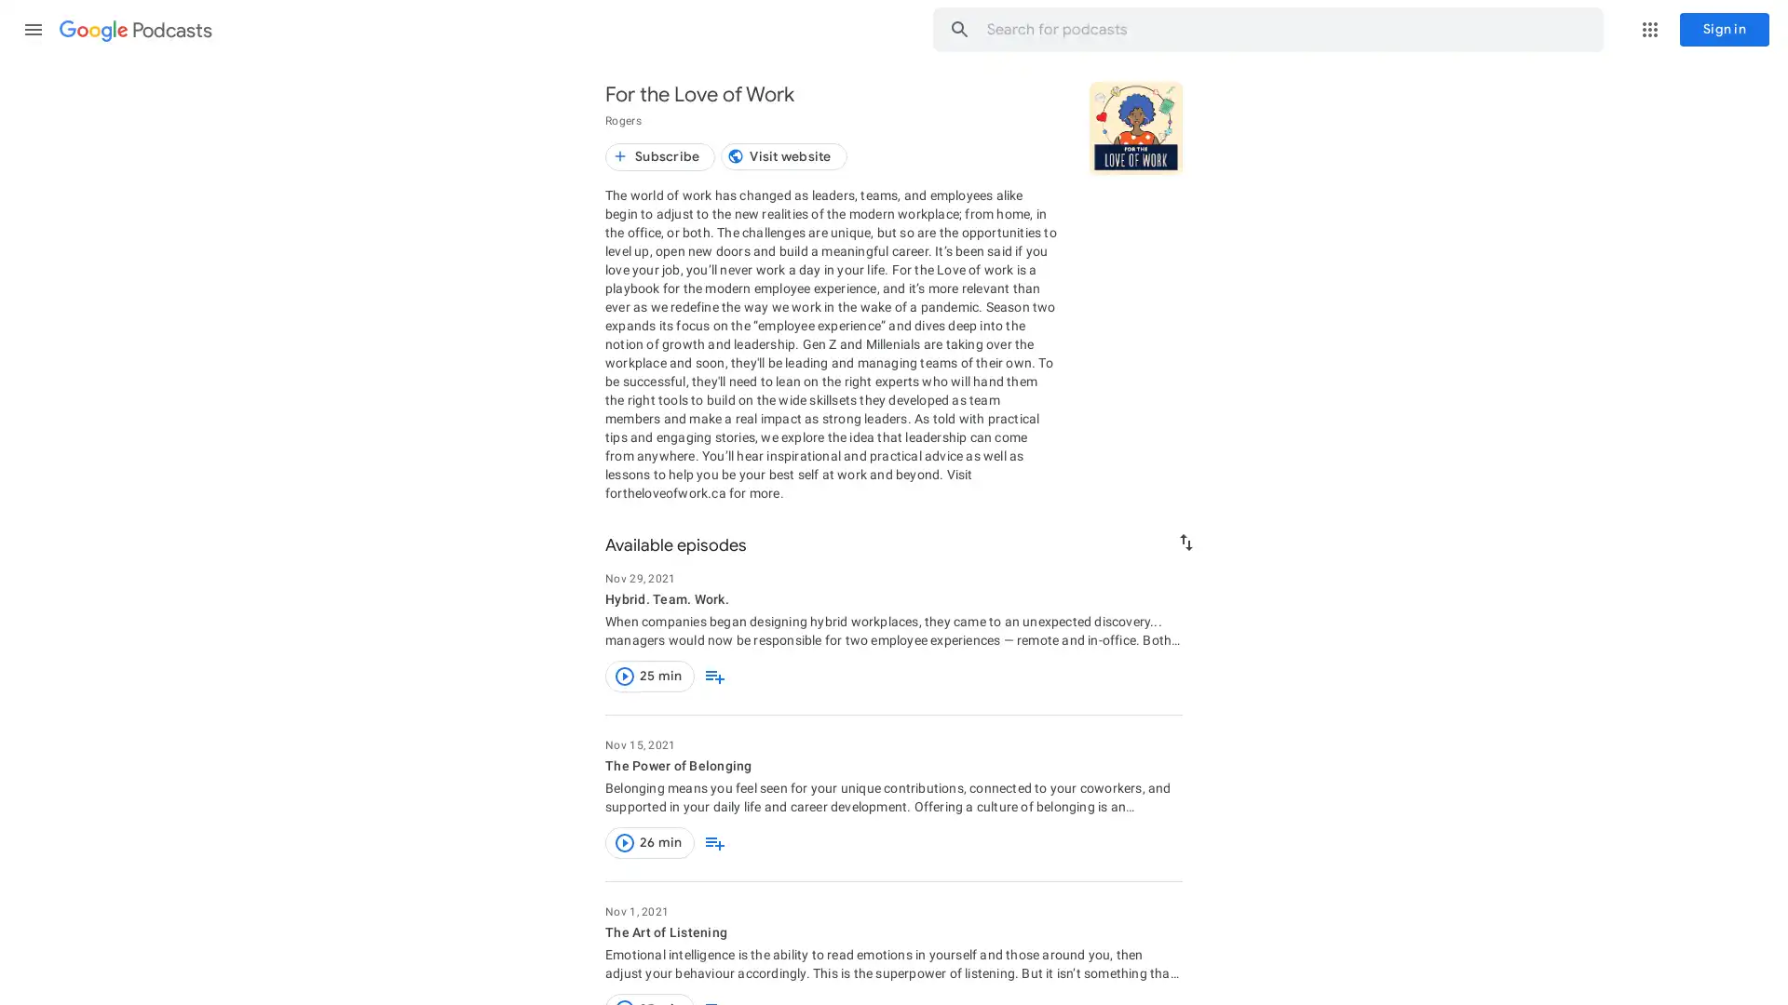 The height and width of the screenshot is (1005, 1788). Describe the element at coordinates (584, 29) in the screenshot. I see `Search` at that location.